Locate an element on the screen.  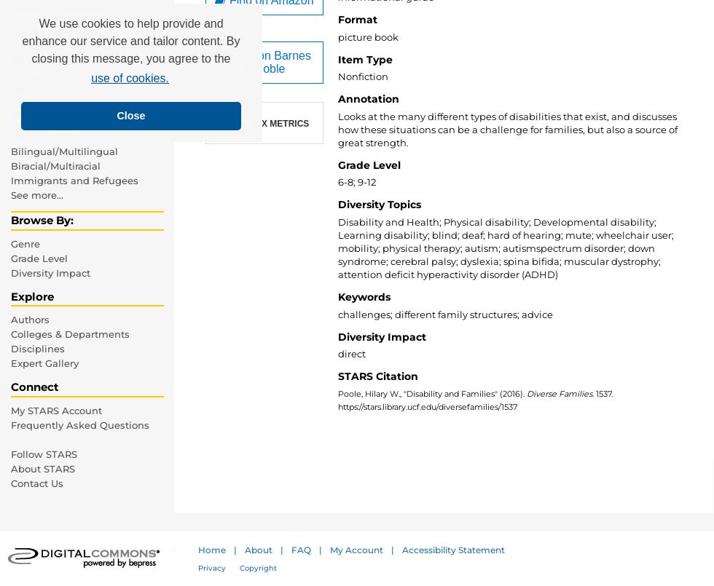
'Developmental Disability' is located at coordinates (72, 45).